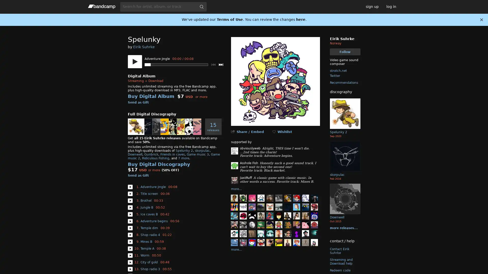 The height and width of the screenshot is (274, 488). What do you see at coordinates (130, 194) in the screenshot?
I see `Play Title screen` at bounding box center [130, 194].